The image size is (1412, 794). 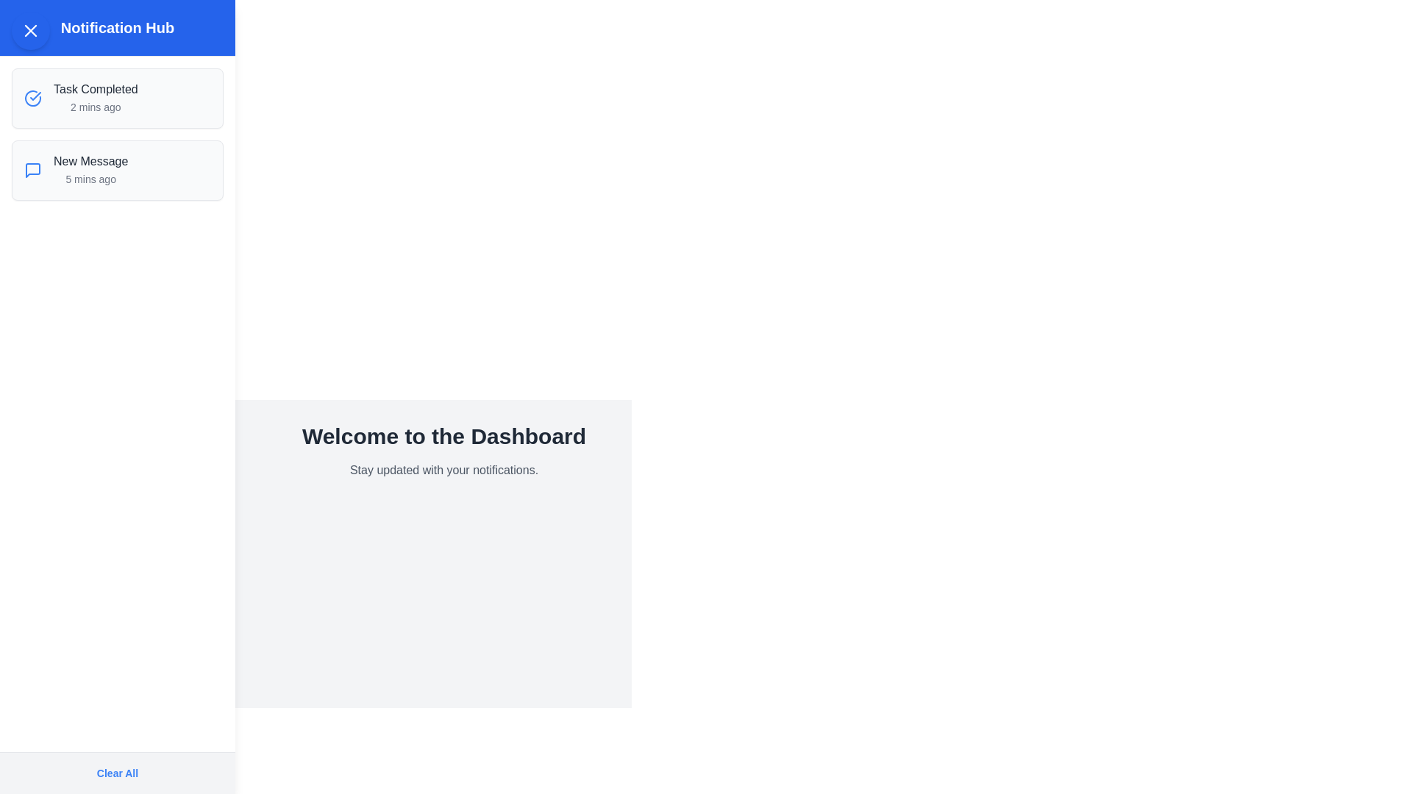 What do you see at coordinates (32, 99) in the screenshot?
I see `the circular icon with a blue stroke and checkmark, which signifies a completed task, located in the upper section of the notification panel next to the text 'Task Completed.'` at bounding box center [32, 99].